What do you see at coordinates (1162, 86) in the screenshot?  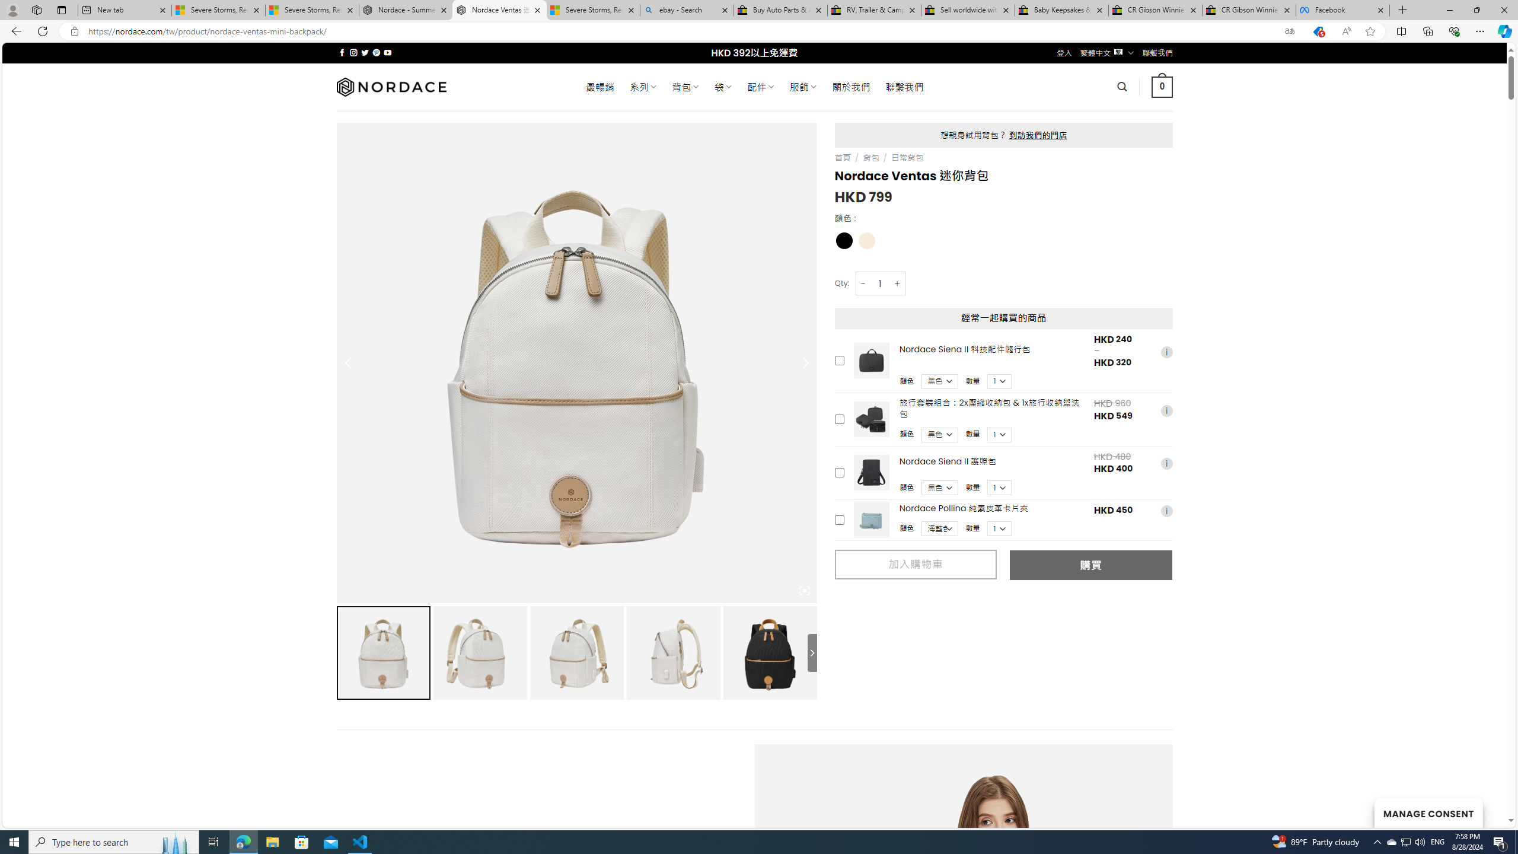 I see `'  0  '` at bounding box center [1162, 86].